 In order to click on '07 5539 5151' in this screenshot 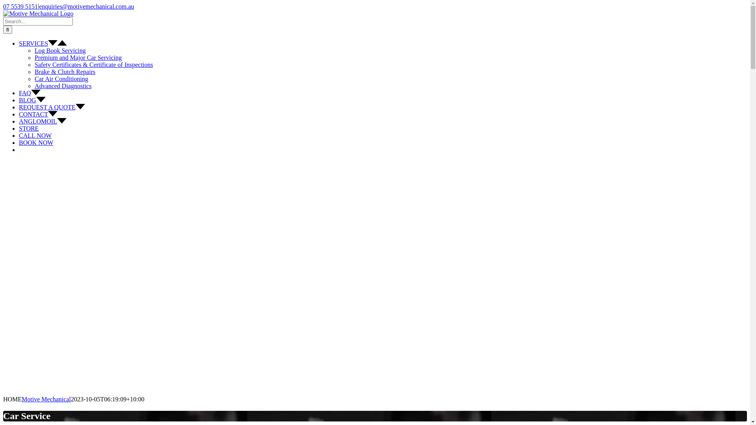, I will do `click(20, 6)`.